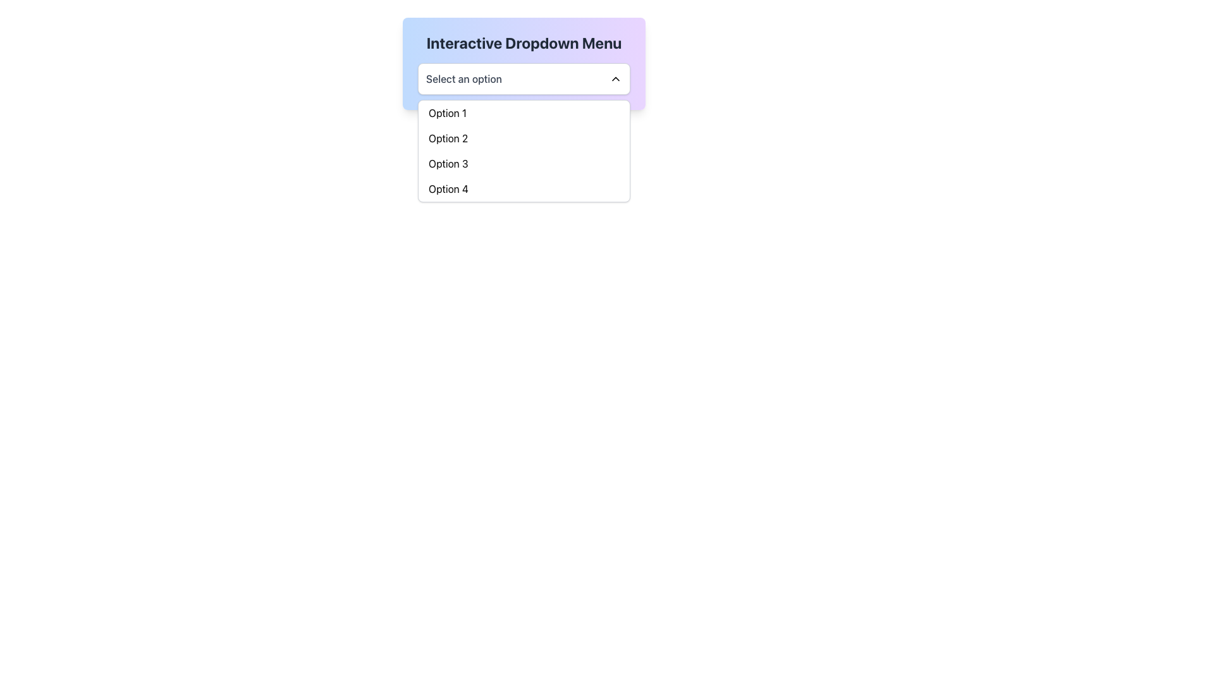 The image size is (1214, 683). I want to click on an option from the dropdown menu labeled 'Select an option', which is located beneath the title 'Interactive Dropdown Menu', so click(524, 78).